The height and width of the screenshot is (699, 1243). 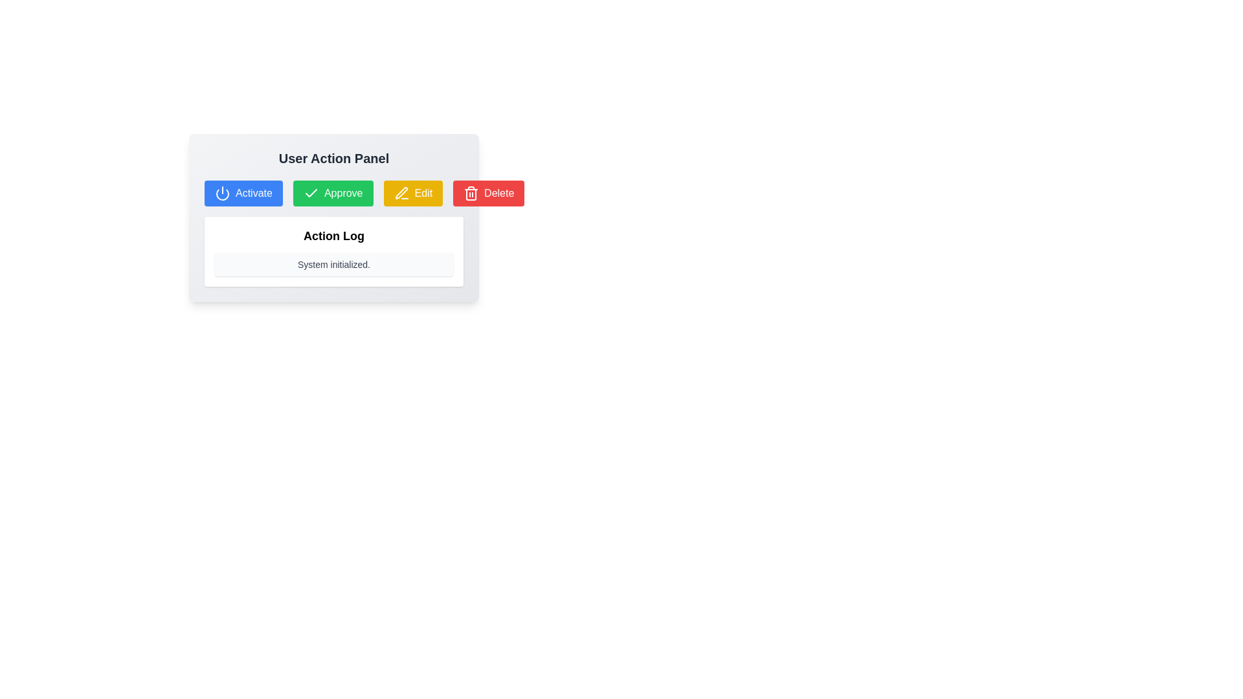 What do you see at coordinates (333, 236) in the screenshot?
I see `the Heading text that serves as a title for the actions logged, located inside a white rectangular box with rounded corners and a shadow, positioned below colorful buttons` at bounding box center [333, 236].